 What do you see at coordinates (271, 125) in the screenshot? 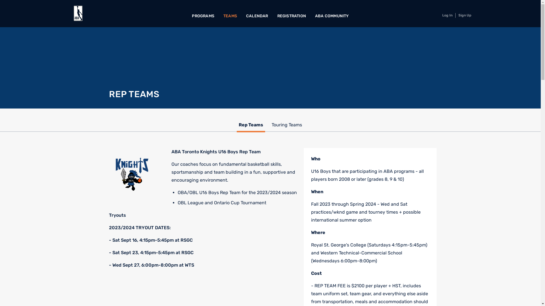
I see `'Touring Teams'` at bounding box center [271, 125].